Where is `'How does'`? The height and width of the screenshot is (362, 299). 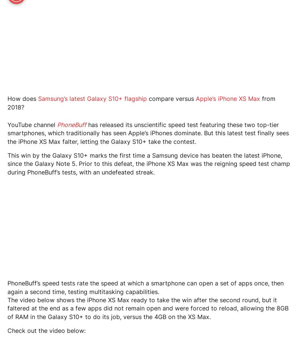
'How does' is located at coordinates (22, 98).